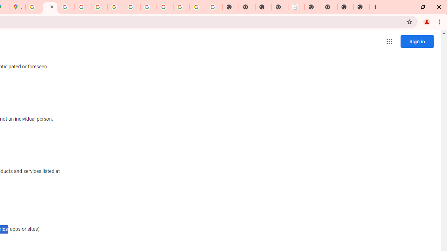  I want to click on 'LAAD Defence & Security 2025 | BAE Systems', so click(296, 7).